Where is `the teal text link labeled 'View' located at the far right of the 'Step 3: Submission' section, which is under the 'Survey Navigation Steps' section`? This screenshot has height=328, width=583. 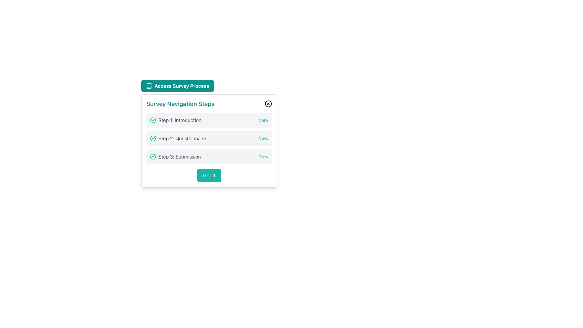 the teal text link labeled 'View' located at the far right of the 'Step 3: Submission' section, which is under the 'Survey Navigation Steps' section is located at coordinates (264, 156).